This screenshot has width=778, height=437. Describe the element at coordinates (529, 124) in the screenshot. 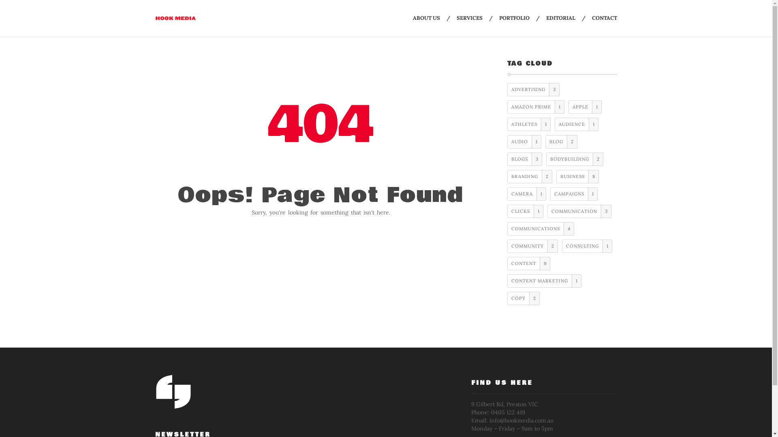

I see `'ATHLETES1'` at that location.